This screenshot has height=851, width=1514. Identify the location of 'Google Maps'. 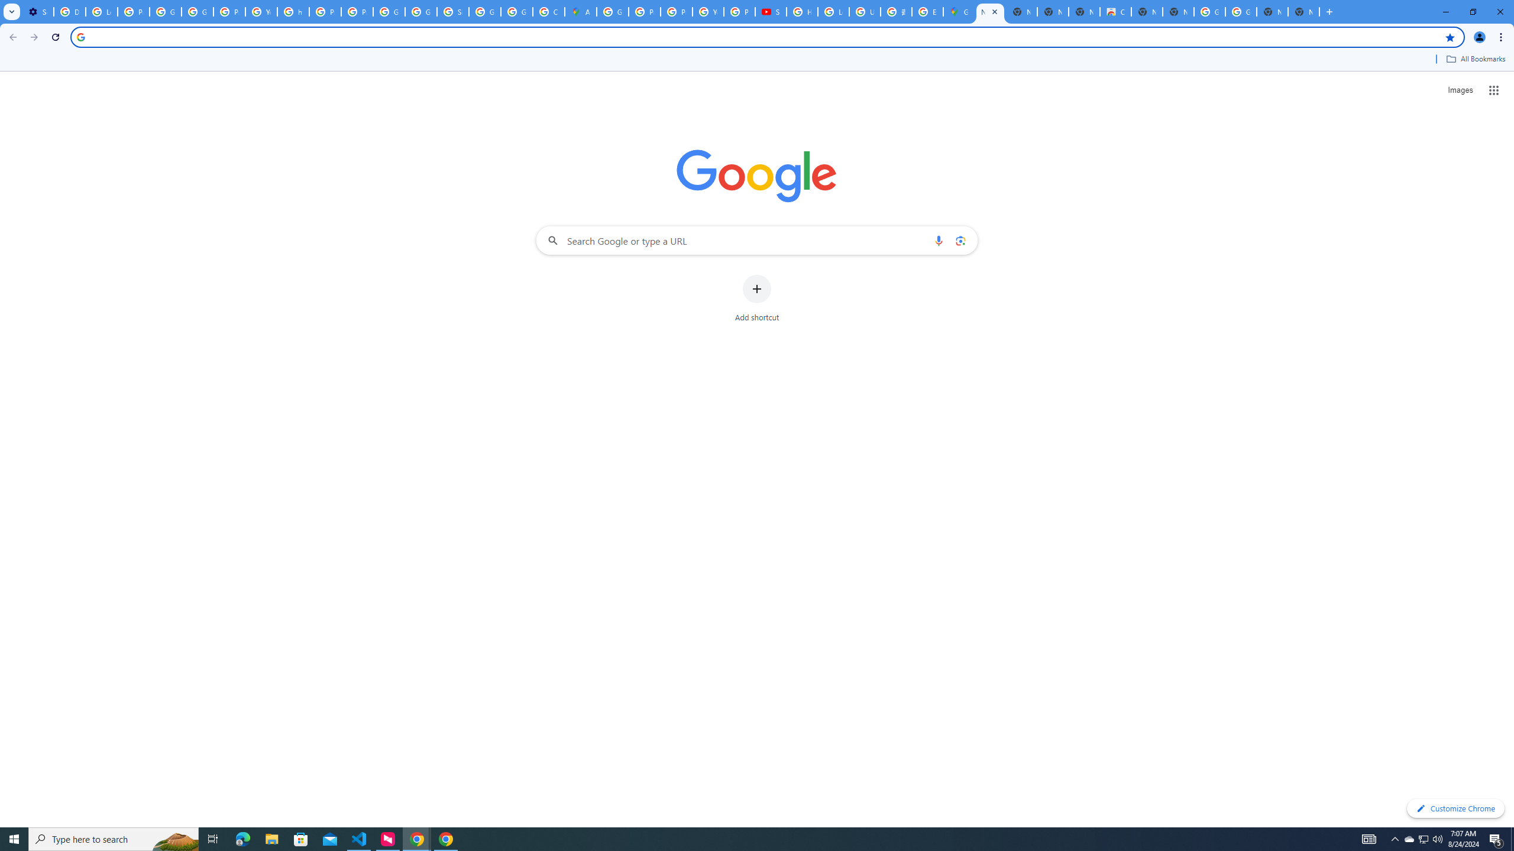
(959, 11).